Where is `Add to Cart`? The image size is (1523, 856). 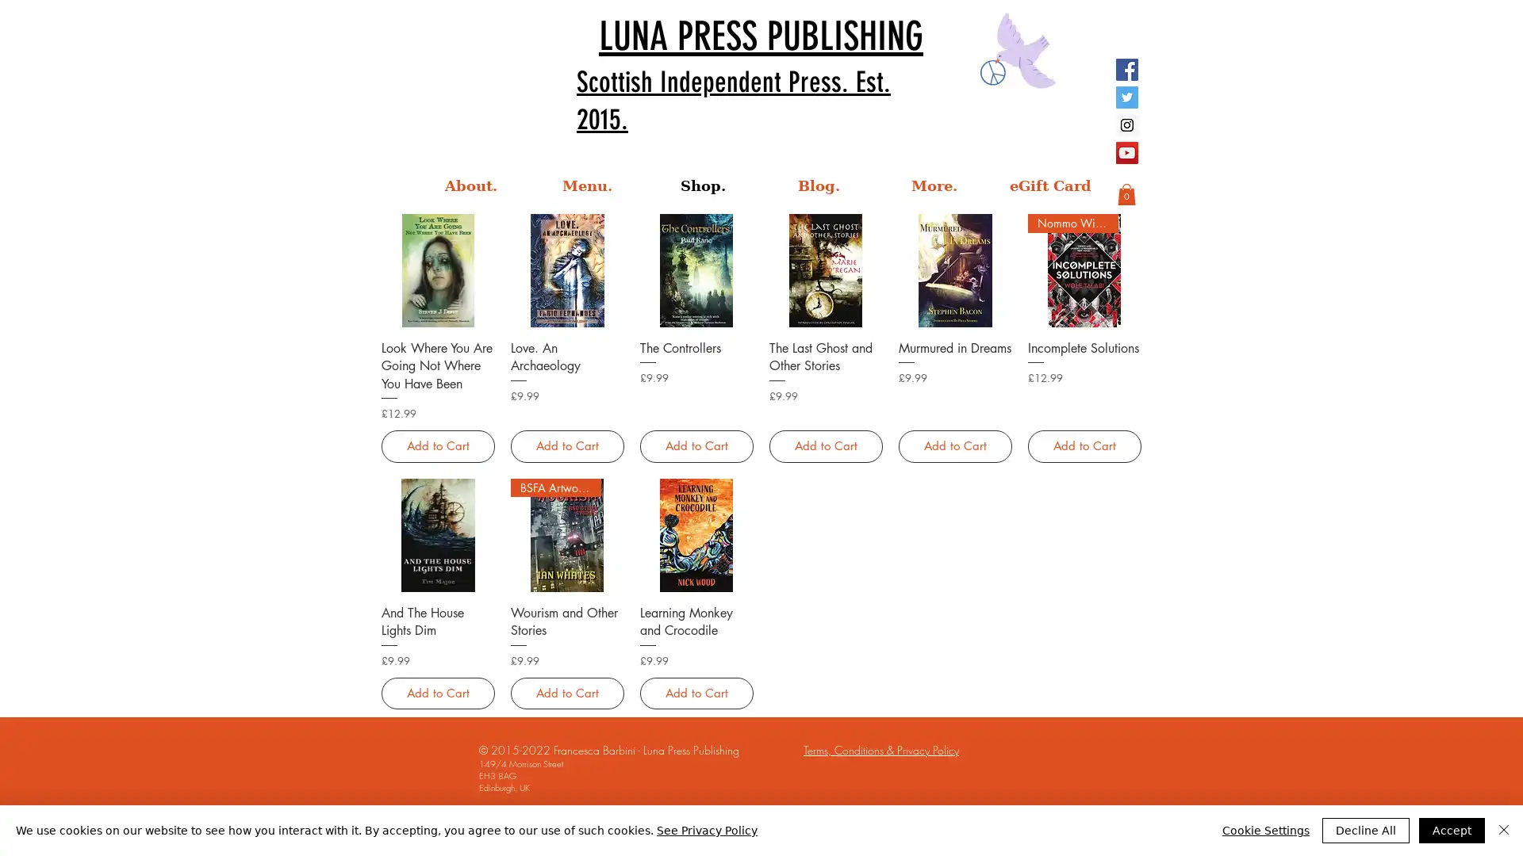 Add to Cart is located at coordinates (1083, 446).